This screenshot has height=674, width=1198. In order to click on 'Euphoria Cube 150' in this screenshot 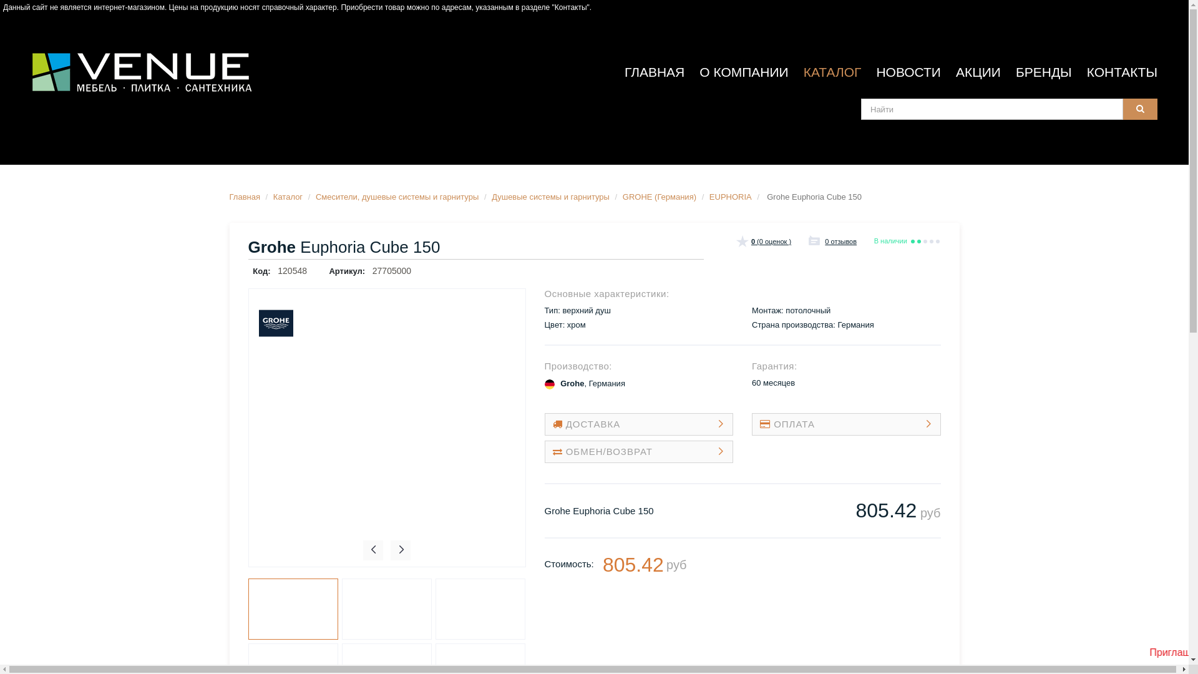, I will do `click(293, 608)`.